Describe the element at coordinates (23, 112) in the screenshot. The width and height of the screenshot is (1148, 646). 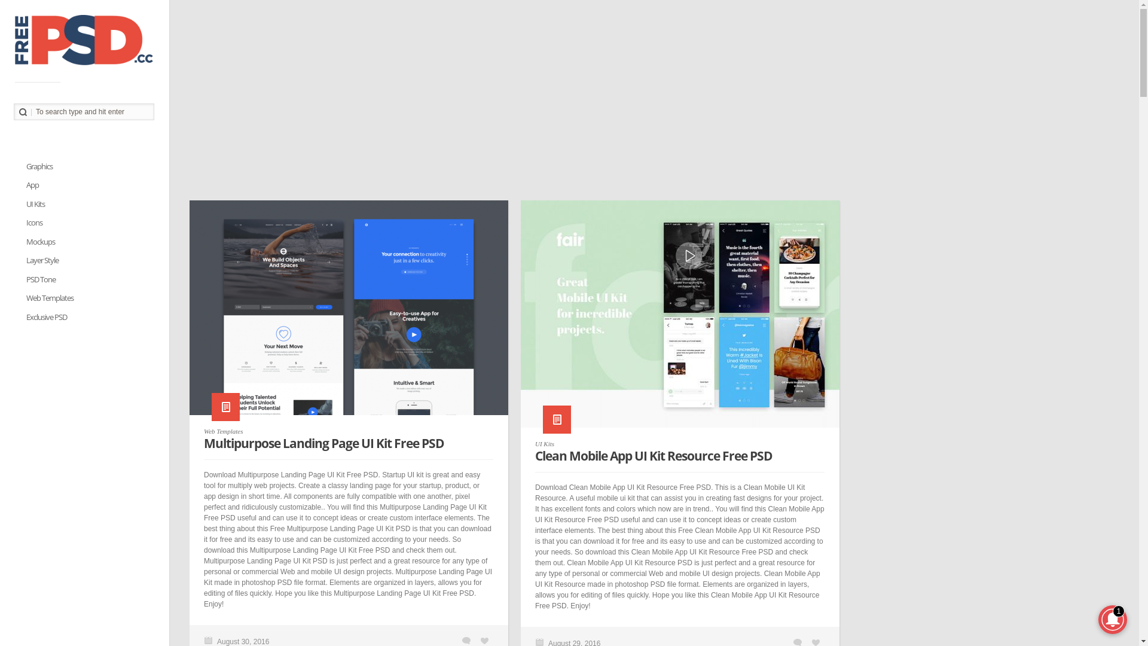
I see `'Search'` at that location.